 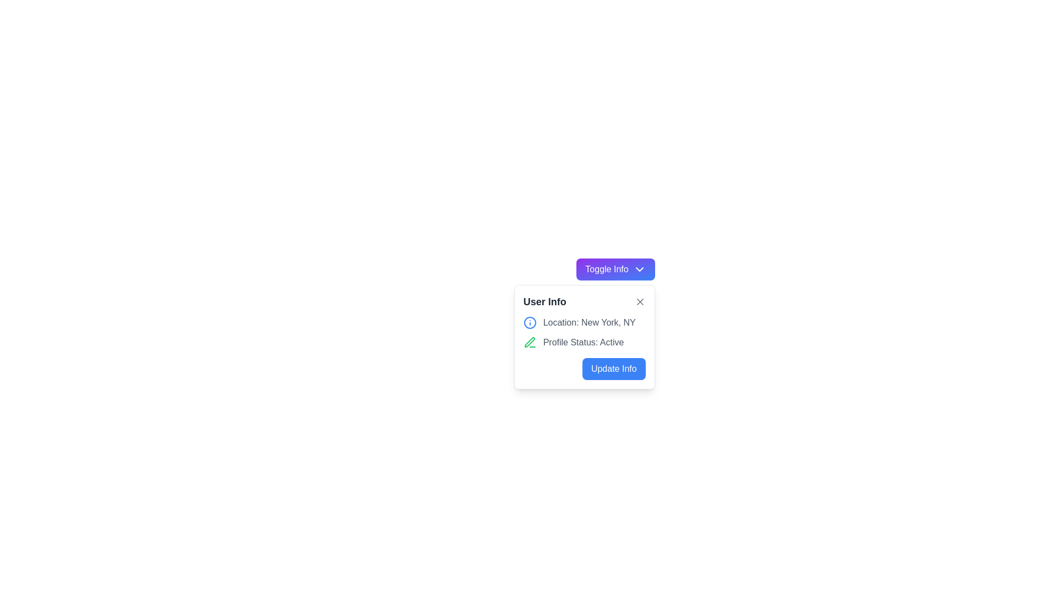 I want to click on the 'Active' status label in the 'User Info' section, which is located beneath 'Location: New York, NY' and above the 'Update Info' button, to the right of the green pen icon, so click(x=583, y=342).